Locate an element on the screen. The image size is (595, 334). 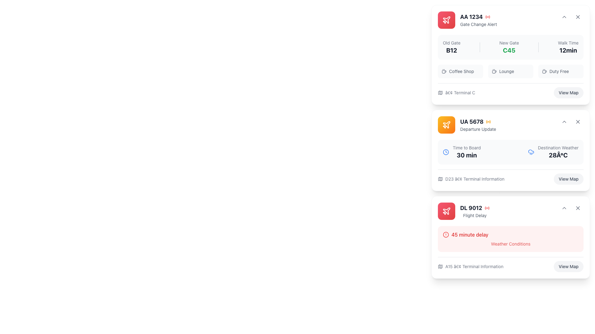
the text display element that shows '45 minute delay' in bold red font, located in the bottom-most card of a vertically stacked list is located at coordinates (470, 235).